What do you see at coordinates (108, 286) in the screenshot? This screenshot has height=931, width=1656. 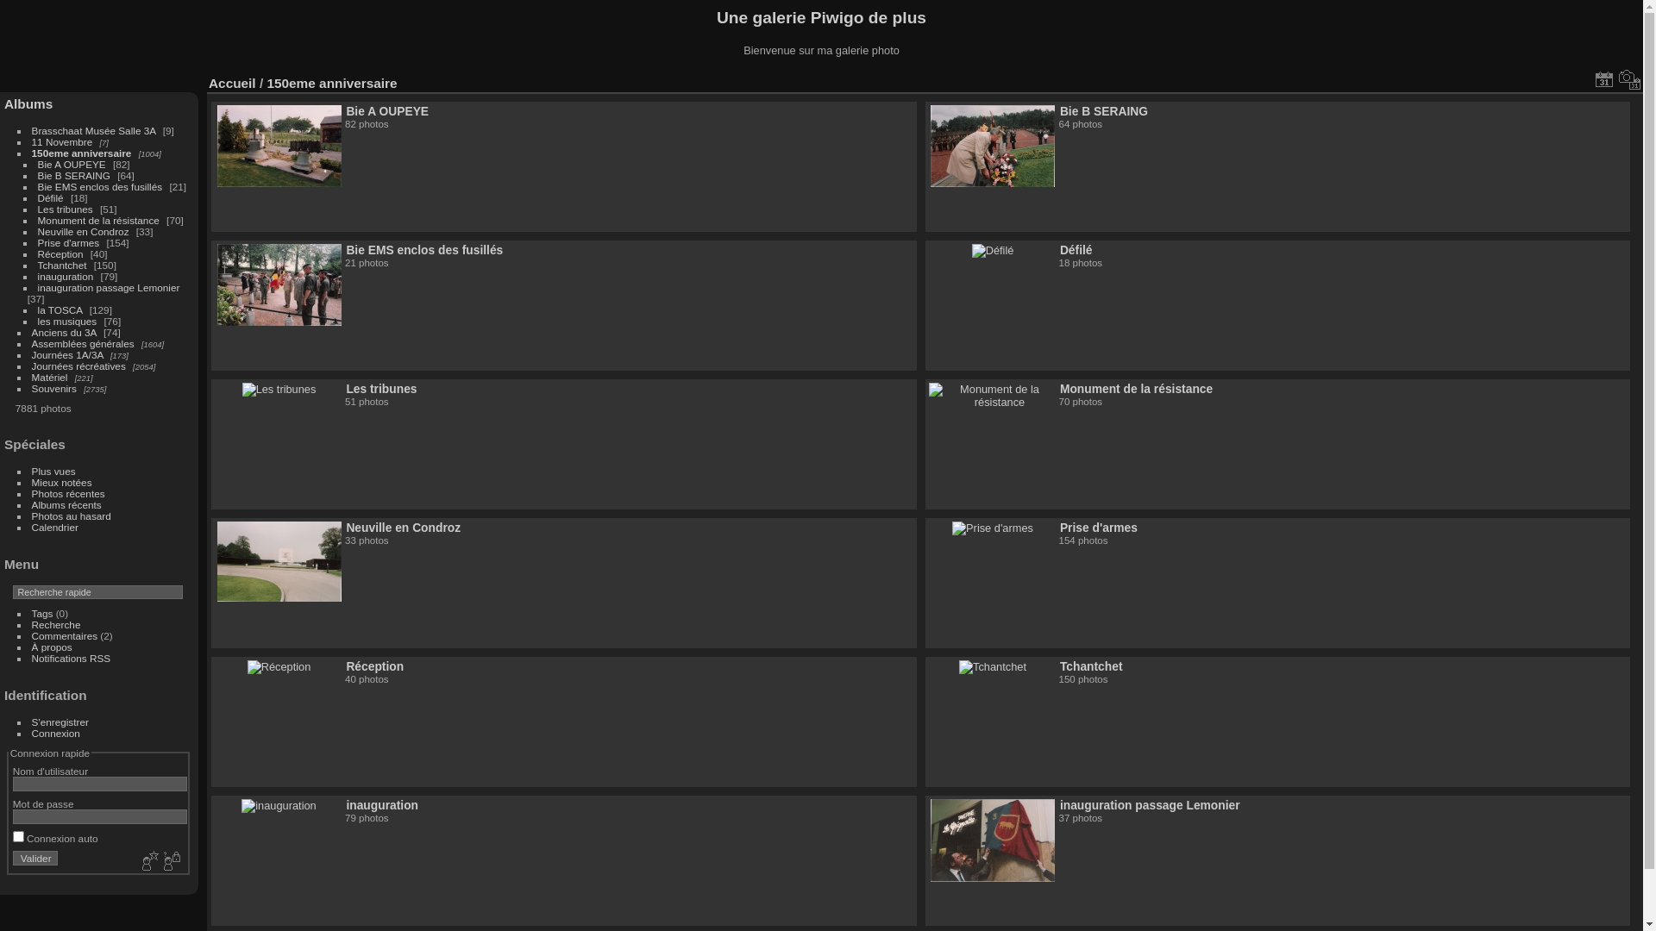 I see `'inauguration passage Lemonier'` at bounding box center [108, 286].